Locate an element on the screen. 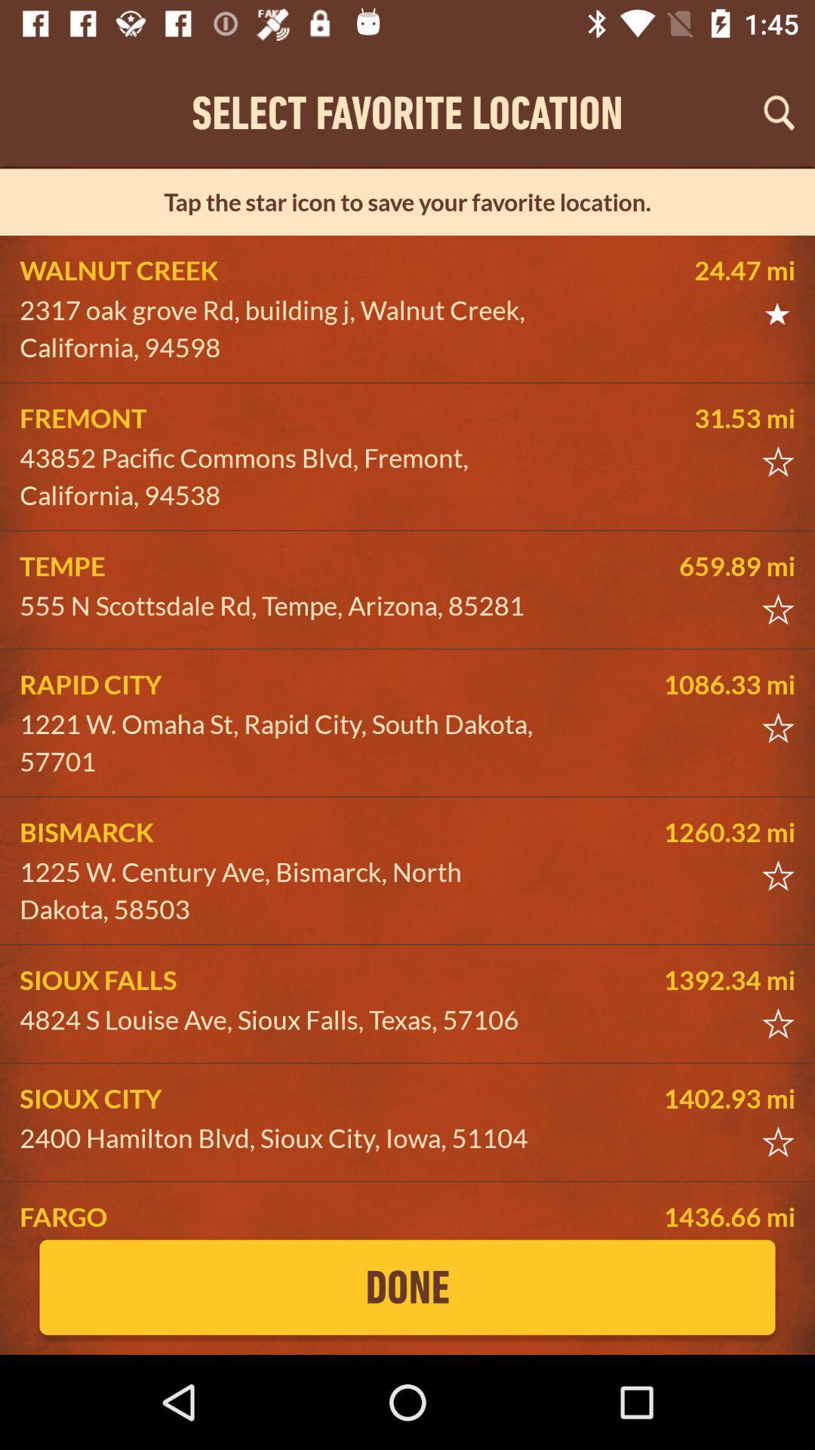 The height and width of the screenshot is (1450, 815). the 1260.32 mi icon is located at coordinates (681, 831).